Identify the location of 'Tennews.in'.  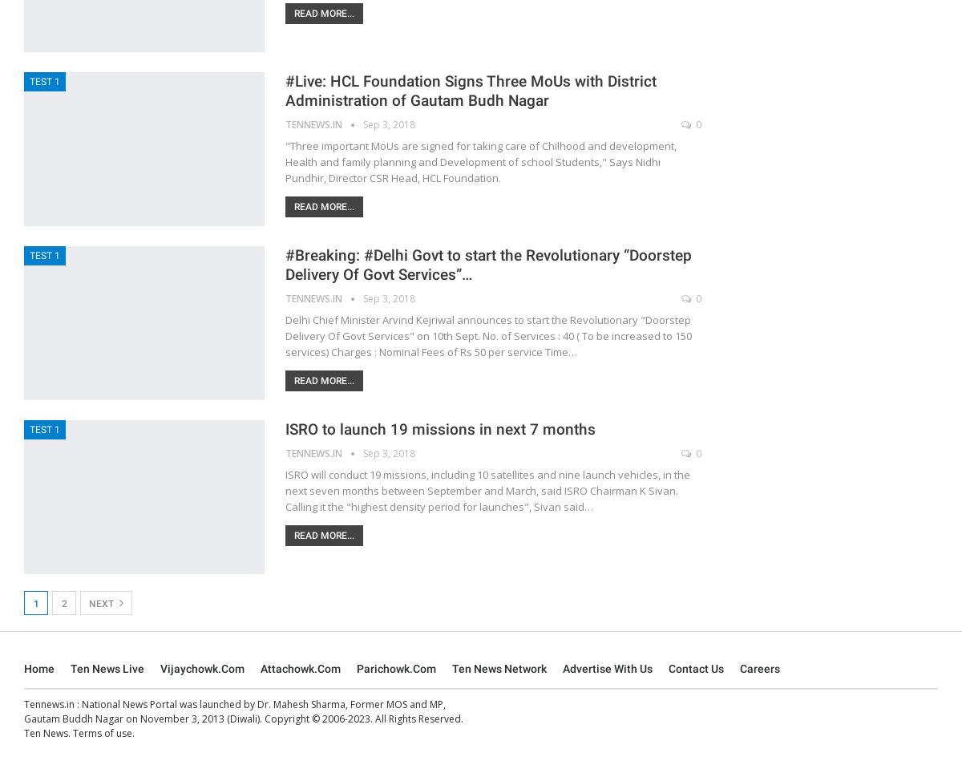
(49, 703).